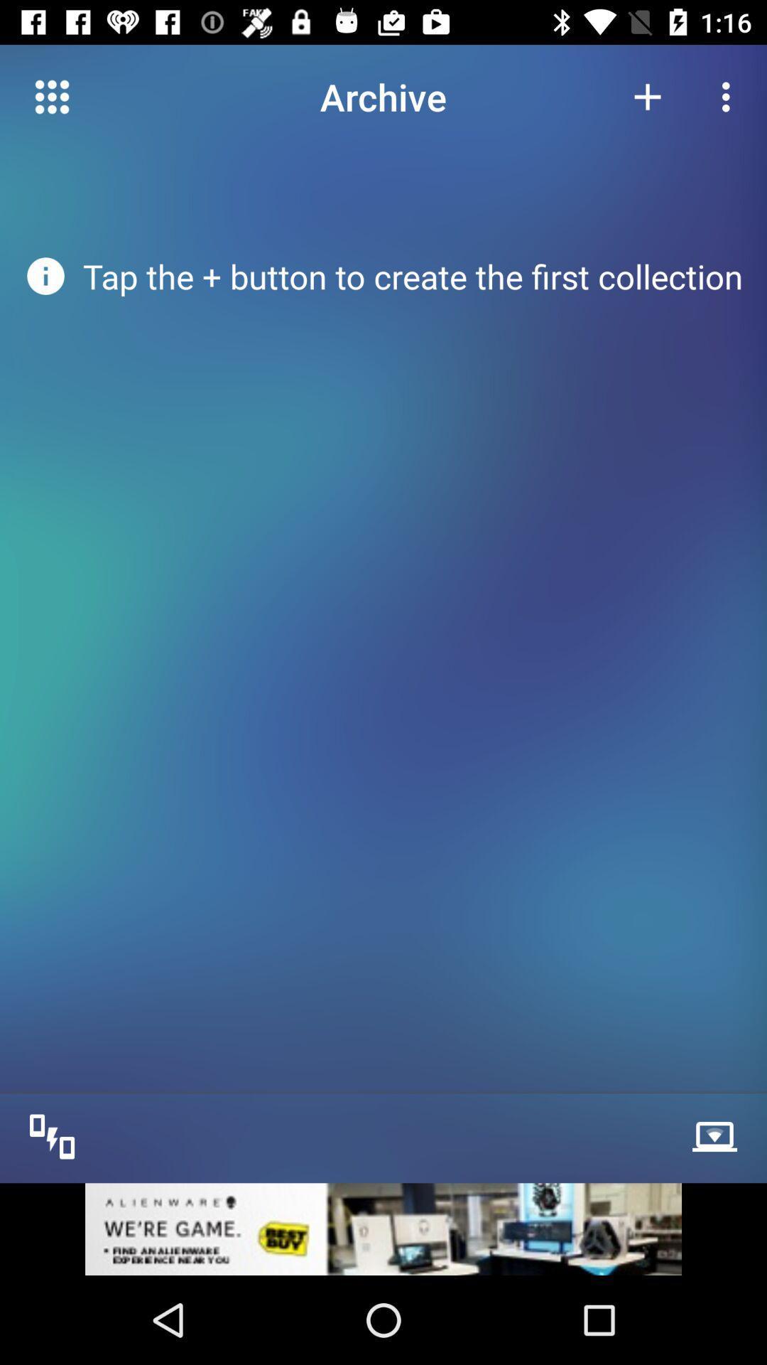 This screenshot has width=767, height=1365. I want to click on see more option, so click(718, 1135).